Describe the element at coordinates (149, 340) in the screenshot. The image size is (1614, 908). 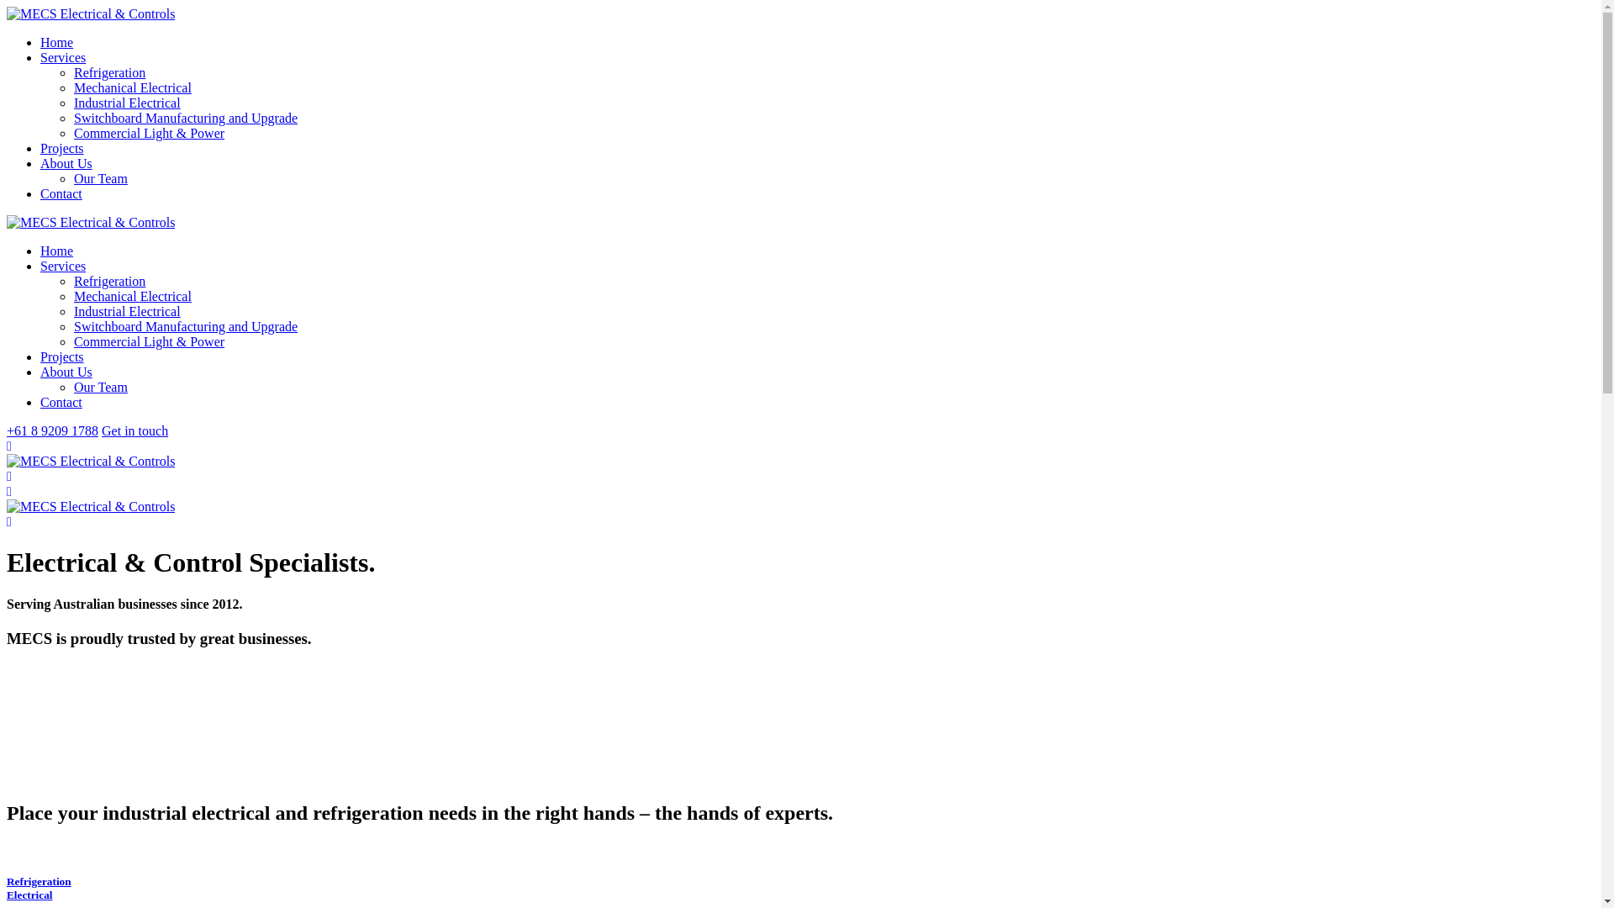
I see `'Commercial Light & Power'` at that location.